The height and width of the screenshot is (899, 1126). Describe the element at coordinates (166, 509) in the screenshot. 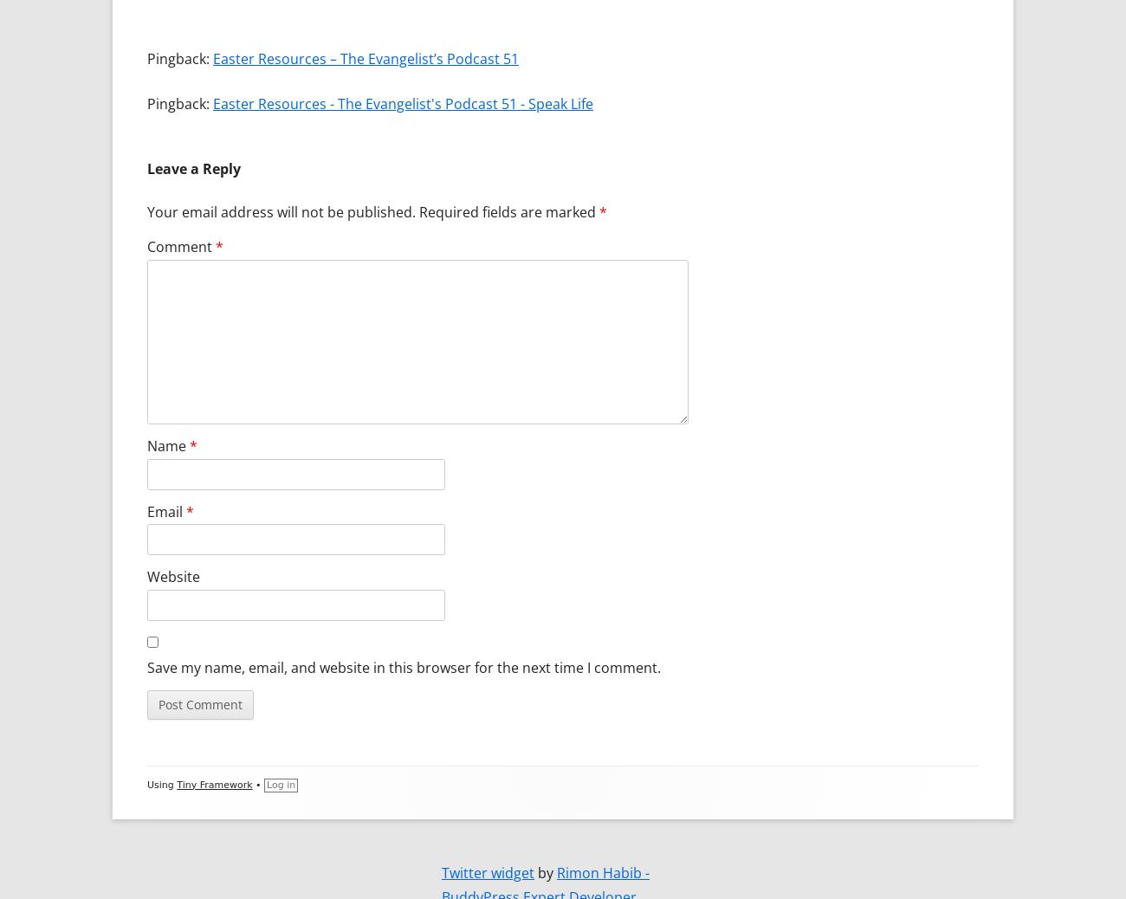

I see `'Email'` at that location.